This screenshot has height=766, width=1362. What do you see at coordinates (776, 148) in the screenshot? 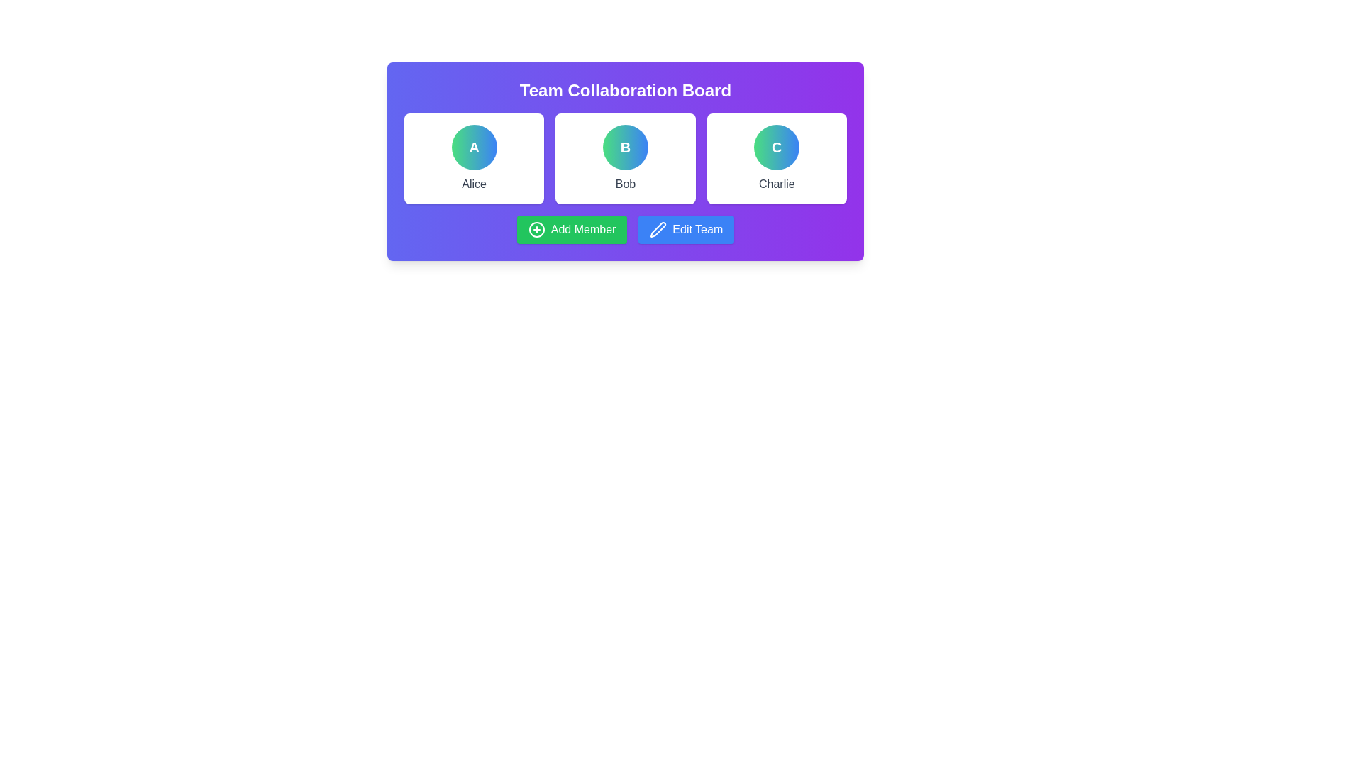
I see `the circular badge or avatar displaying a bold white 'C' character with a gradient background transitioning from green to blue` at bounding box center [776, 148].